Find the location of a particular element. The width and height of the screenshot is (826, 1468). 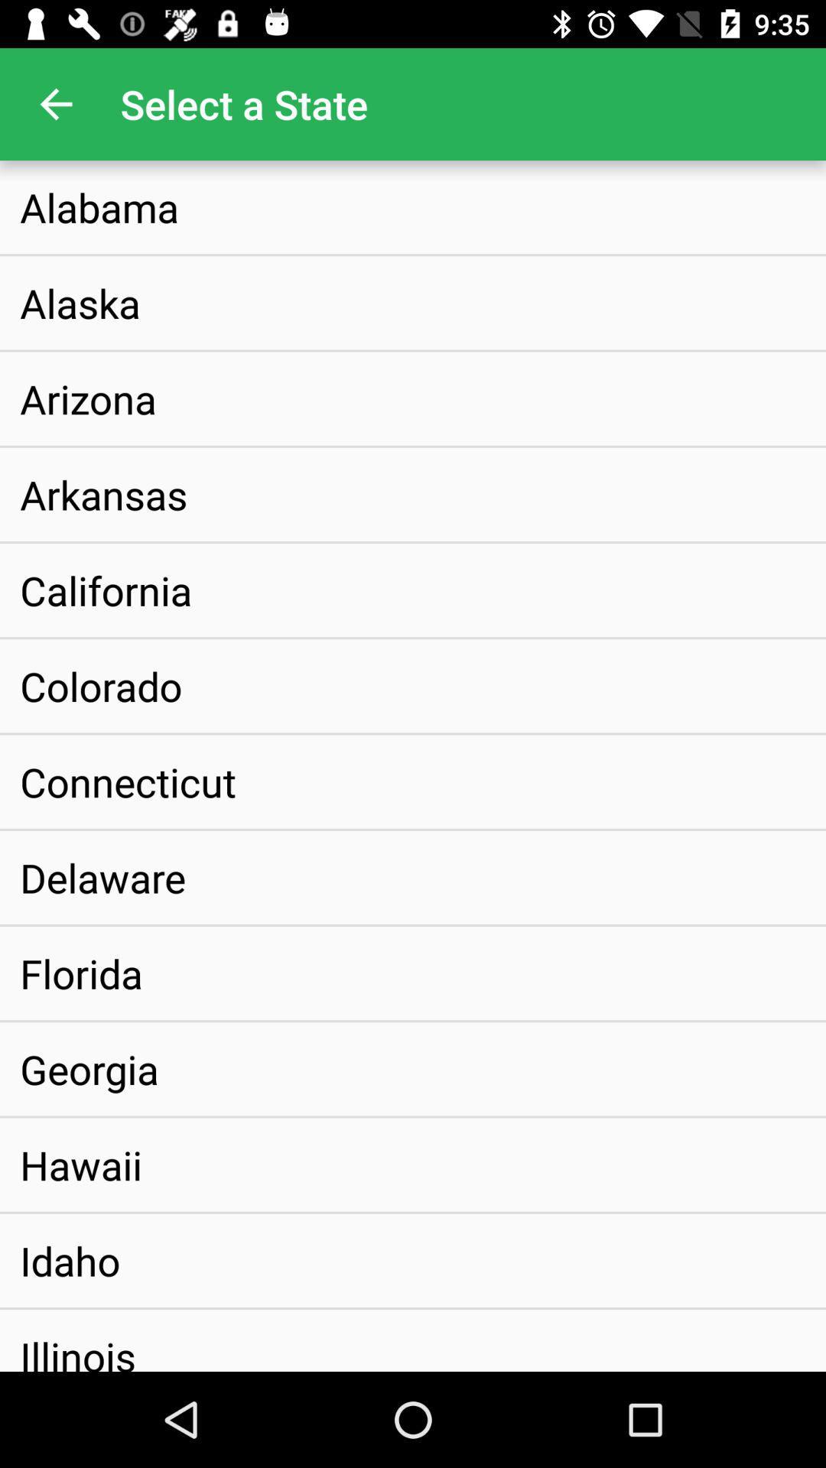

item next to select a state item is located at coordinates (55, 103).